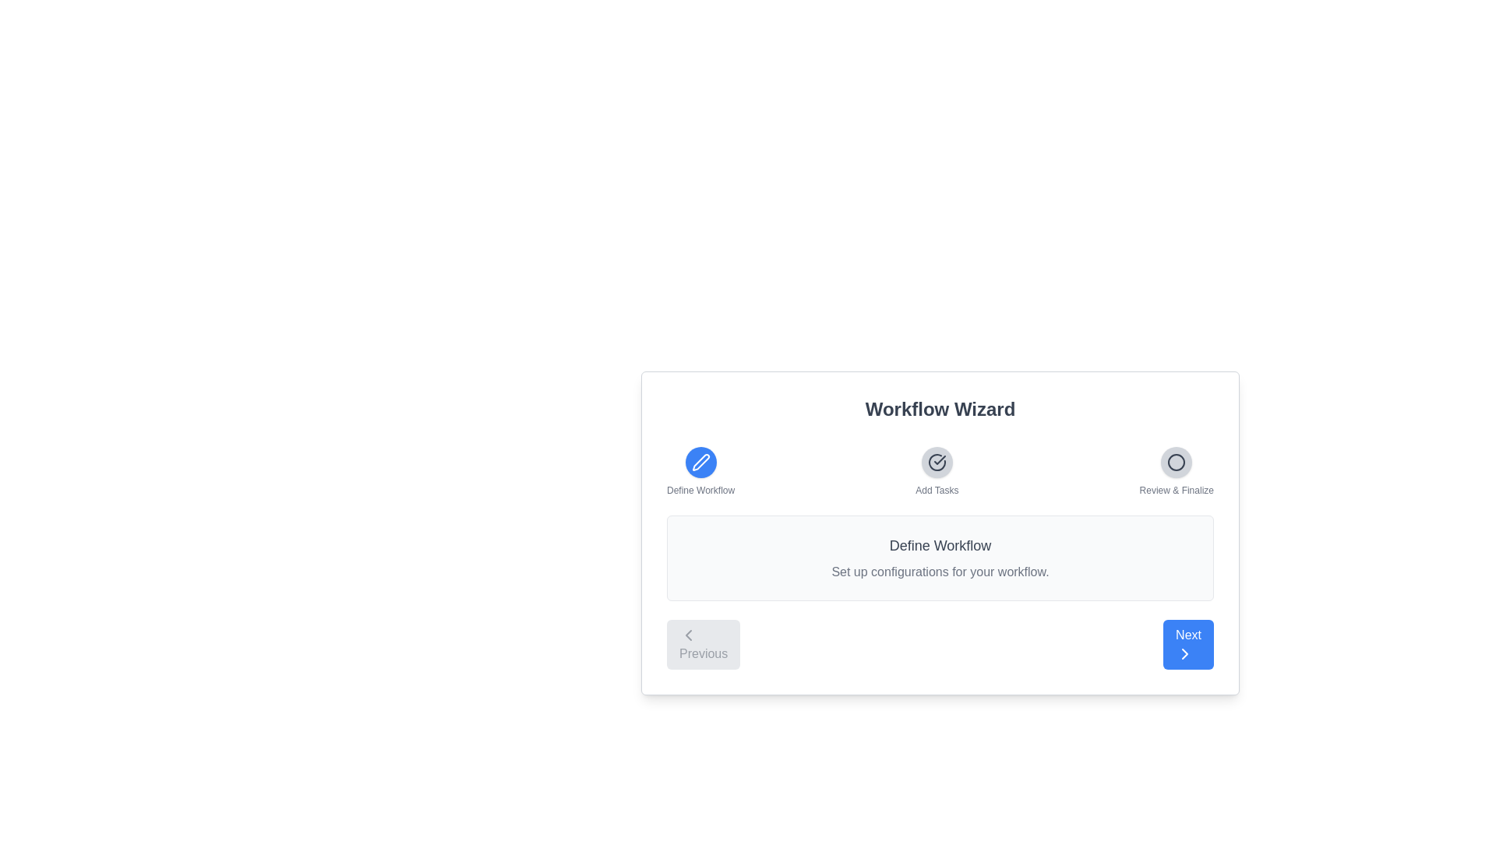  What do you see at coordinates (936, 462) in the screenshot?
I see `the second button in the workflow wizard interface, located above the 'Add Tasks' text` at bounding box center [936, 462].